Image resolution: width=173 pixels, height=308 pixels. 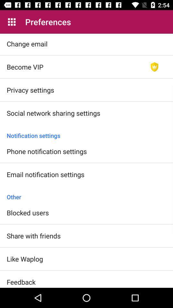 I want to click on icon next to the become vip, so click(x=154, y=67).